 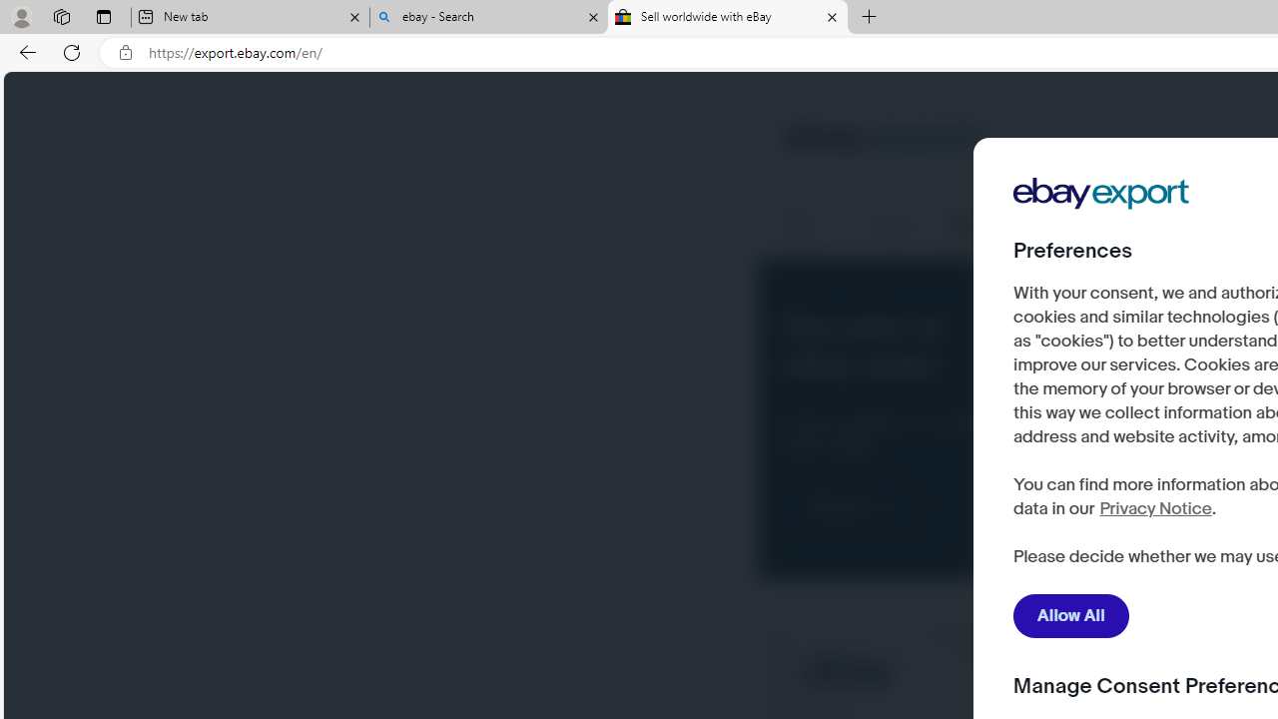 What do you see at coordinates (1155, 508) in the screenshot?
I see `'Privacy Notice'` at bounding box center [1155, 508].